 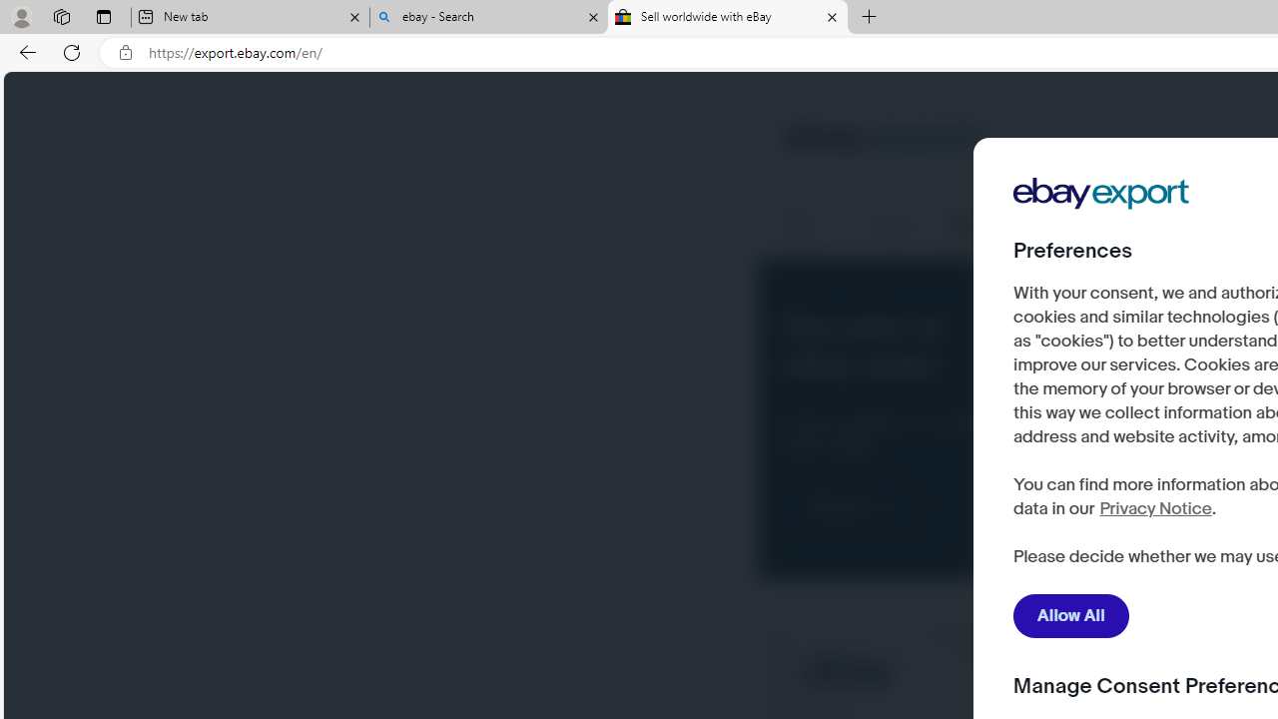 What do you see at coordinates (1155, 508) in the screenshot?
I see `'Privacy Notice'` at bounding box center [1155, 508].